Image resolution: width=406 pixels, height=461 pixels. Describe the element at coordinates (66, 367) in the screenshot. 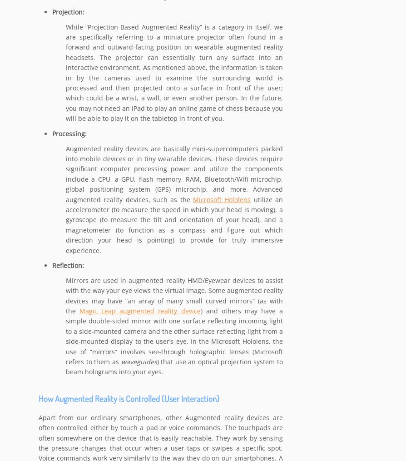

I see `') that use an optical projection system to beam holograms into your eyes.'` at that location.